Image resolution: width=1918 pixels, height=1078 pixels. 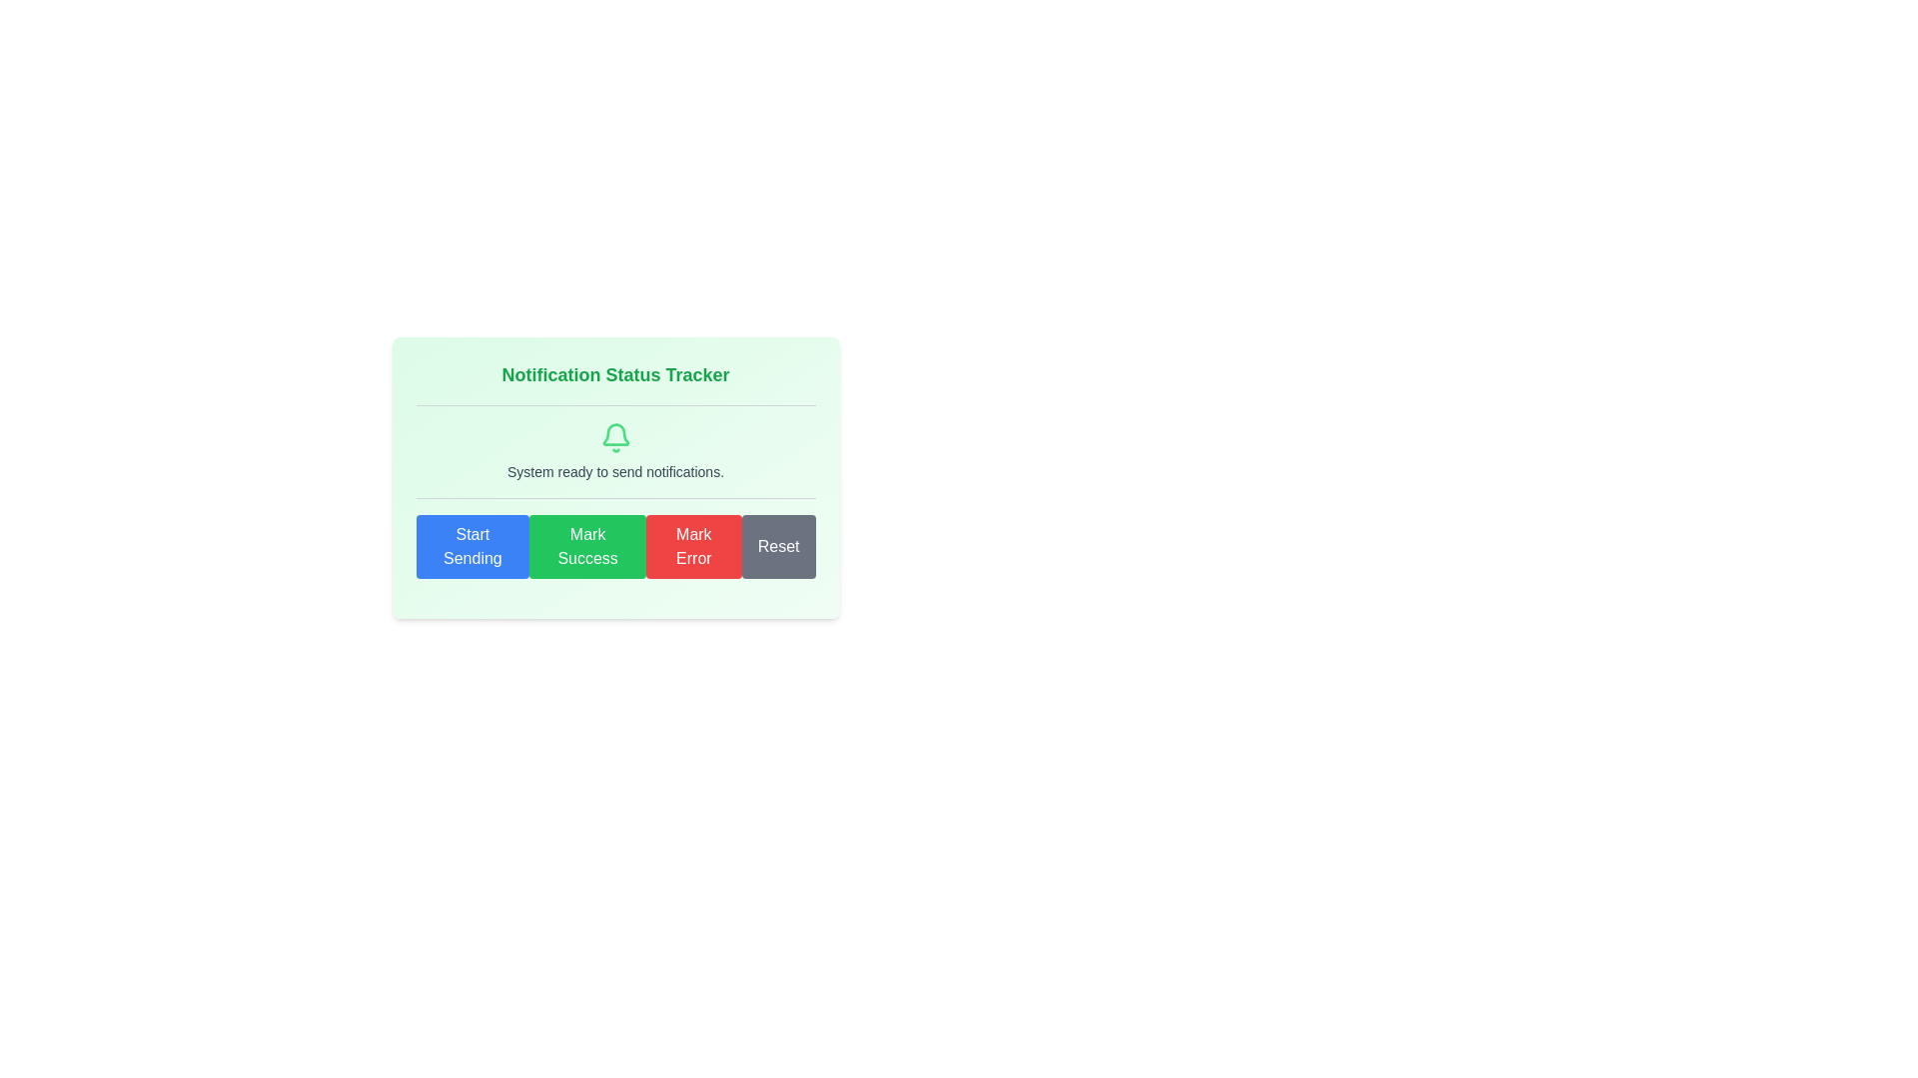 I want to click on the success button located below the 'Notification Status Tracker', so click(x=614, y=546).